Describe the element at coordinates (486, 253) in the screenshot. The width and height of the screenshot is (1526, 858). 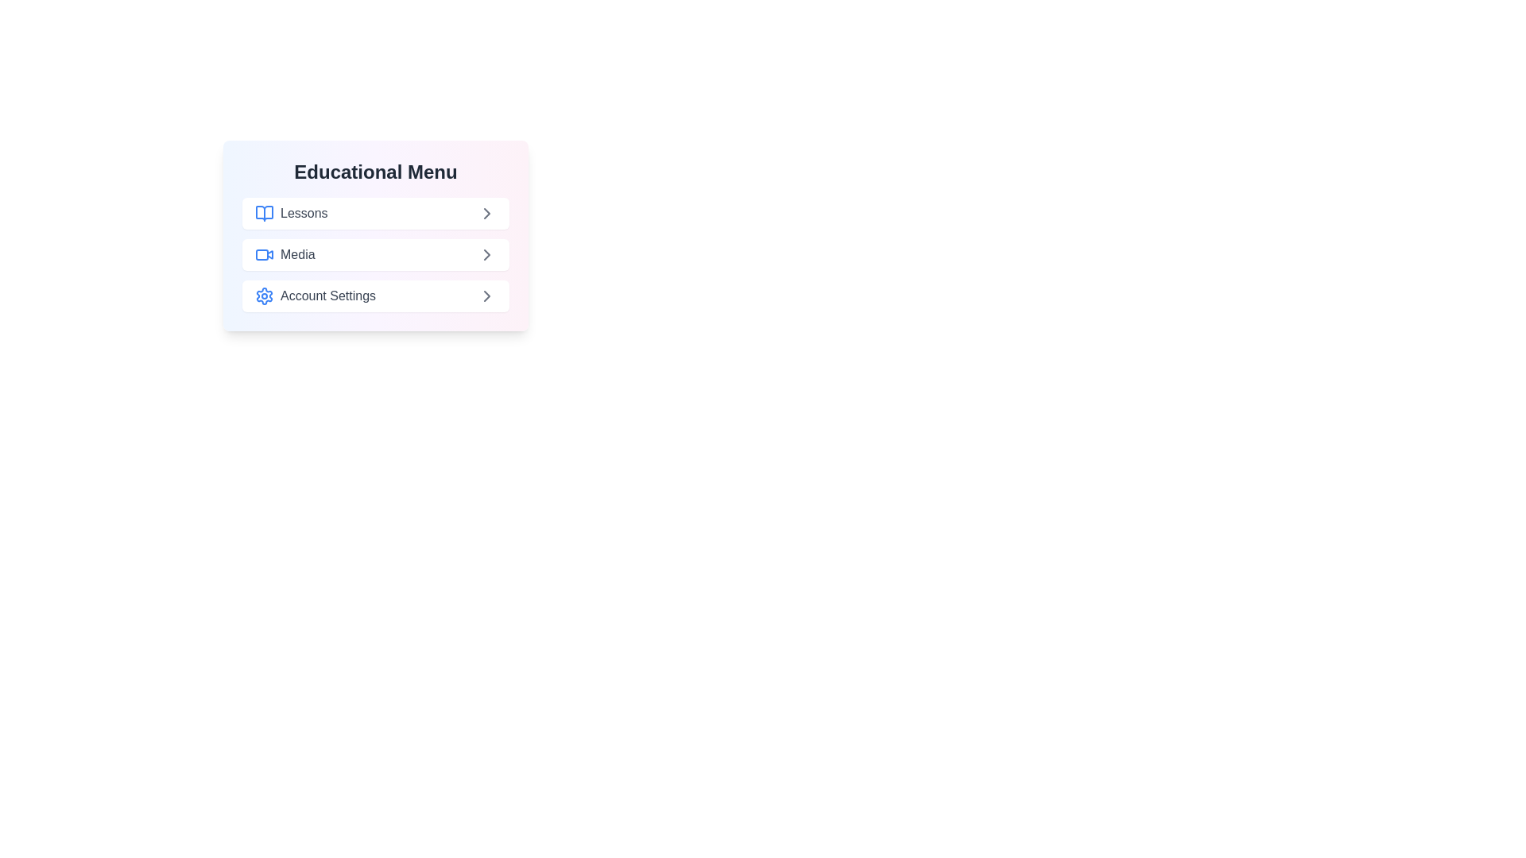
I see `the arrow icon located at the rightmost end of the 'Media' menu item` at that location.